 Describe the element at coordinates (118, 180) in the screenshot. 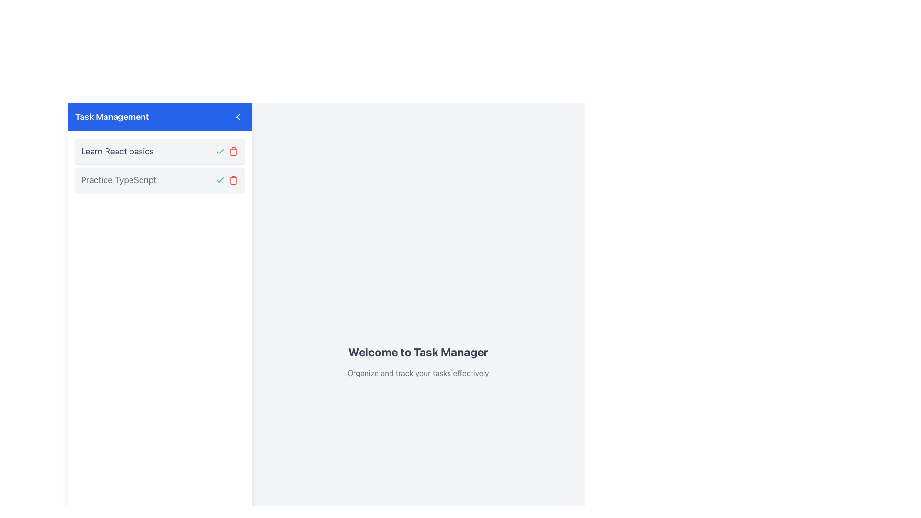

I see `the text indicating that the task 'Practice TypeScript' has been completed, located in the second task row under the 'Task Management' section` at that location.